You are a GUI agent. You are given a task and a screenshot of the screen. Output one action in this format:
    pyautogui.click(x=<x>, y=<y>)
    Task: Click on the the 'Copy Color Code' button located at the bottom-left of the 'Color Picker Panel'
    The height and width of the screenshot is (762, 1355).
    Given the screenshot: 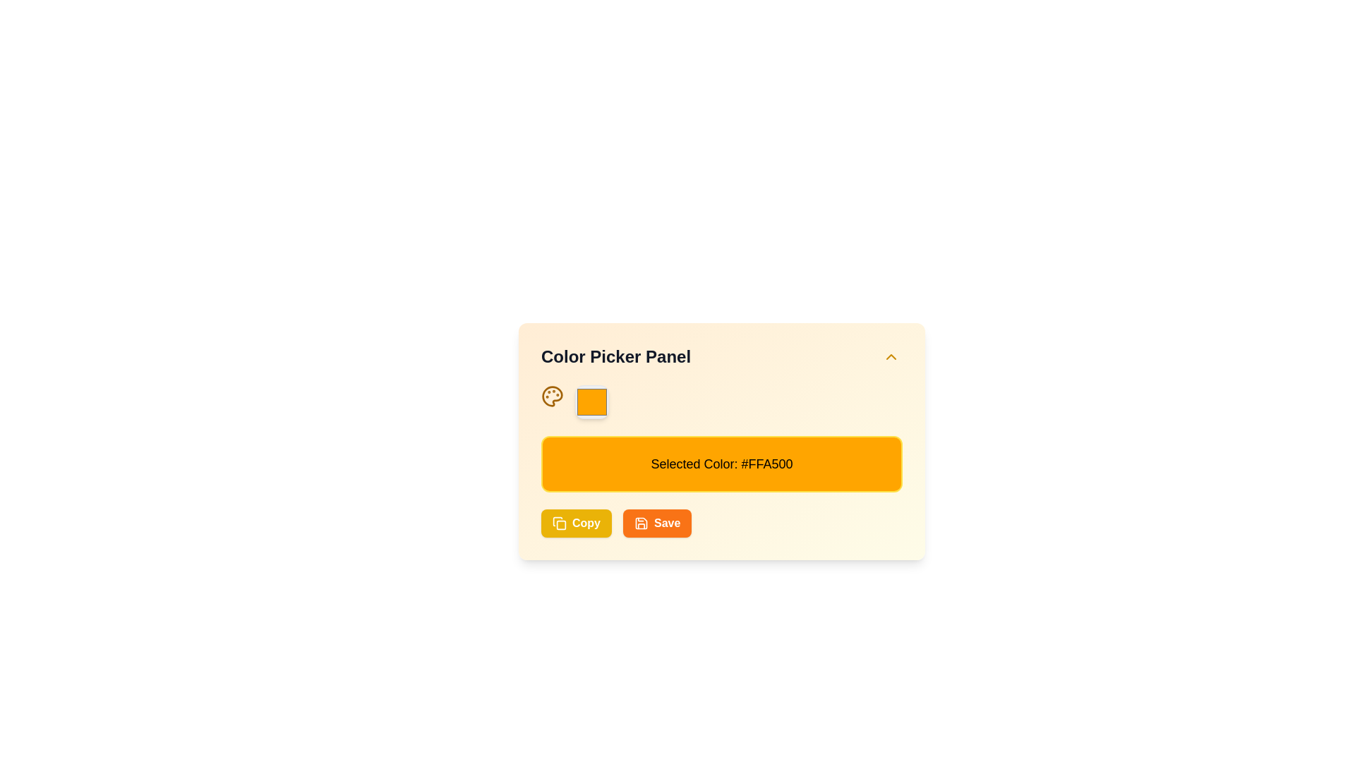 What is the action you would take?
    pyautogui.click(x=576, y=523)
    